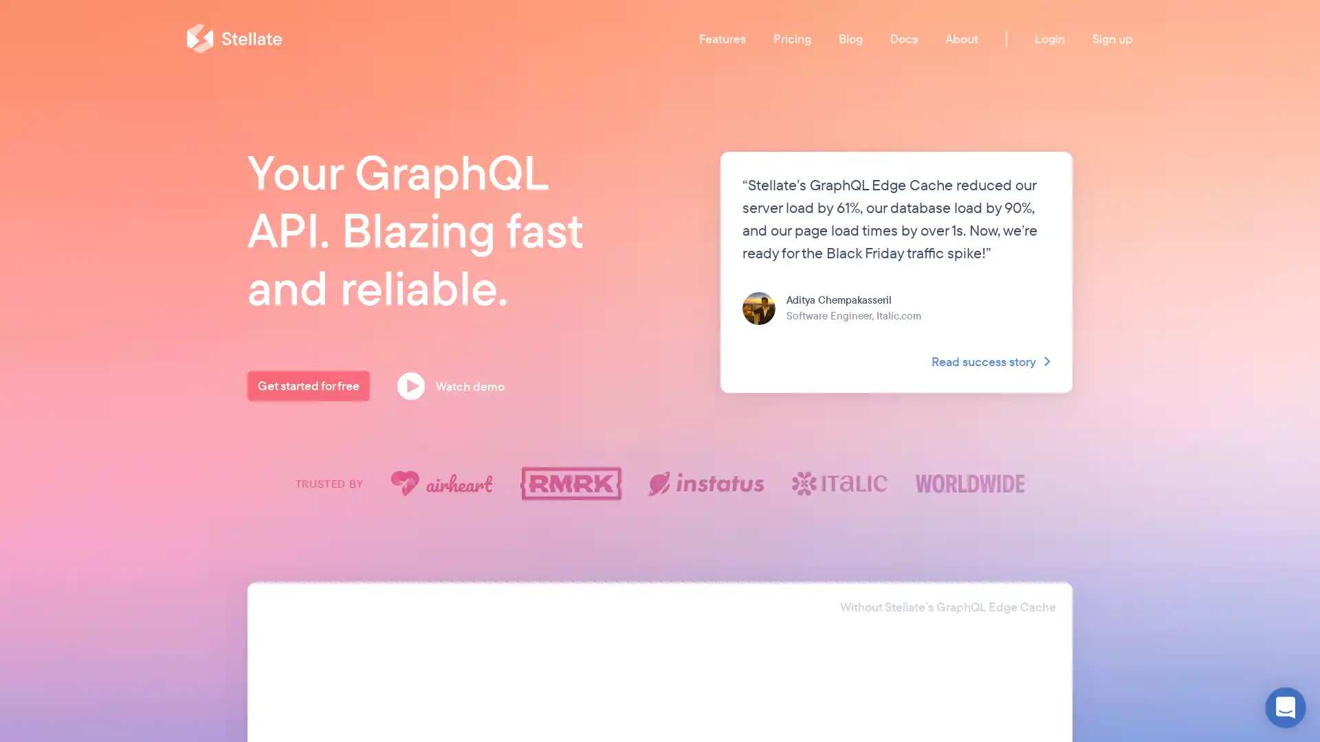 This screenshot has height=742, width=1320. What do you see at coordinates (1285, 707) in the screenshot?
I see `Open Intercom Messenger` at bounding box center [1285, 707].